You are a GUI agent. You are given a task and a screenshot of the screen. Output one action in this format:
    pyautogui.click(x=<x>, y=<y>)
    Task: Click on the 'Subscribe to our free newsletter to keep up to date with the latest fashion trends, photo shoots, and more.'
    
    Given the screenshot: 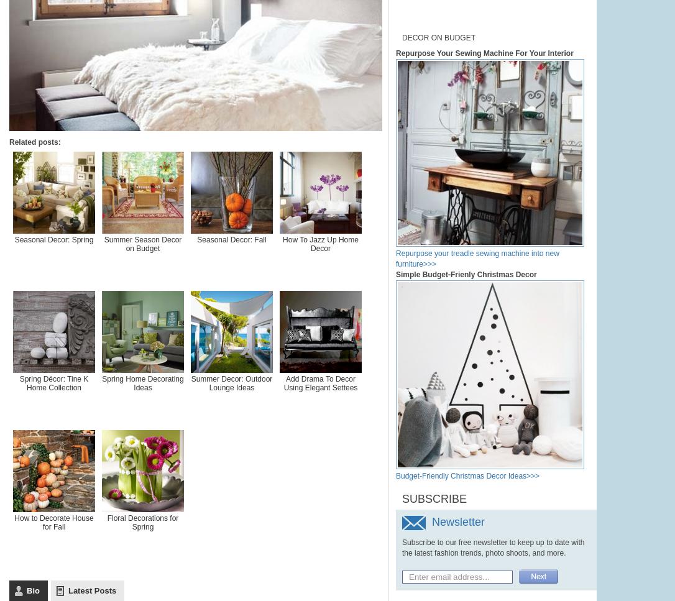 What is the action you would take?
    pyautogui.click(x=493, y=547)
    